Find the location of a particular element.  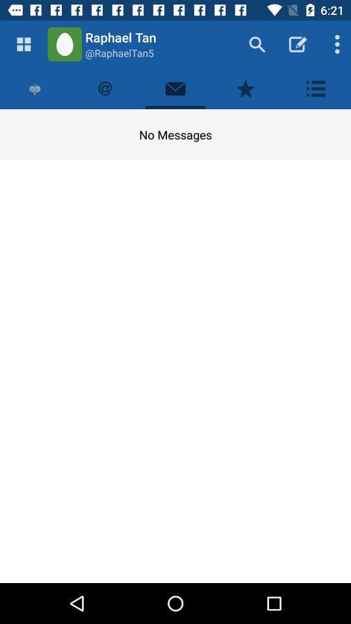

menu button is located at coordinates (23, 44).